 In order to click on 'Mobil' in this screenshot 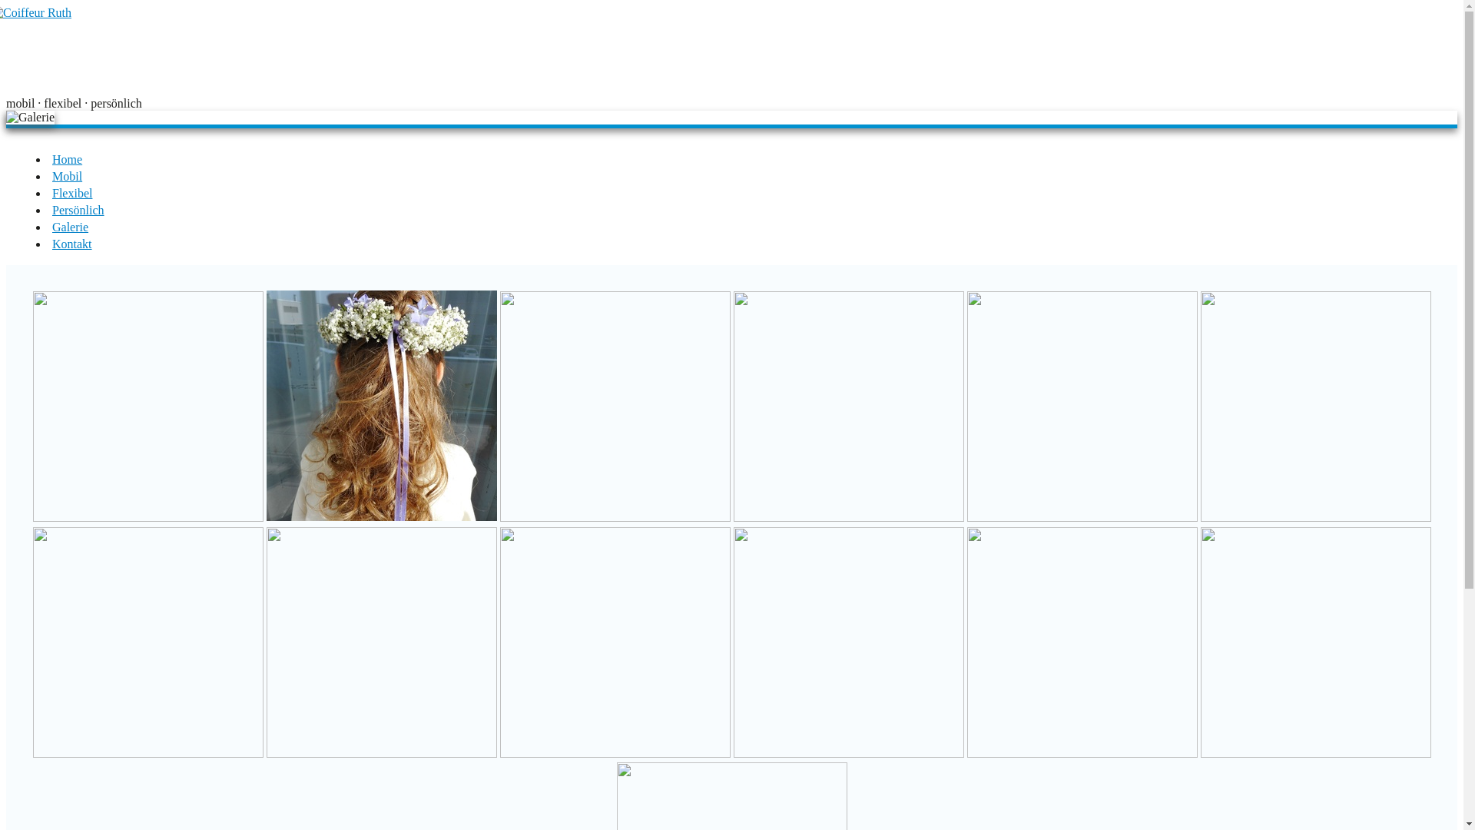, I will do `click(51, 175)`.